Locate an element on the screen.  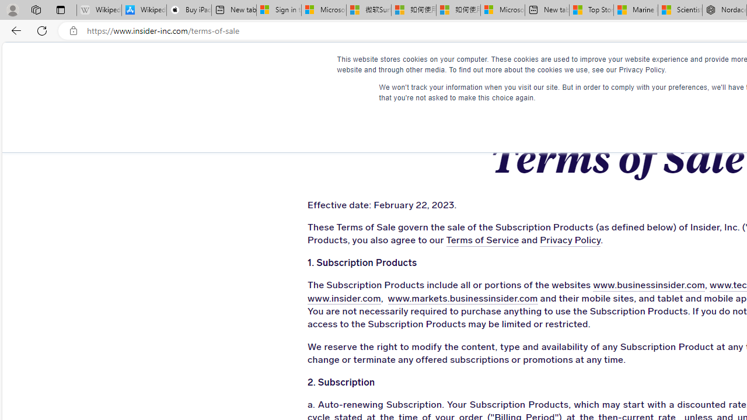
'www.markets.businessinsider.com' is located at coordinates (462, 297).